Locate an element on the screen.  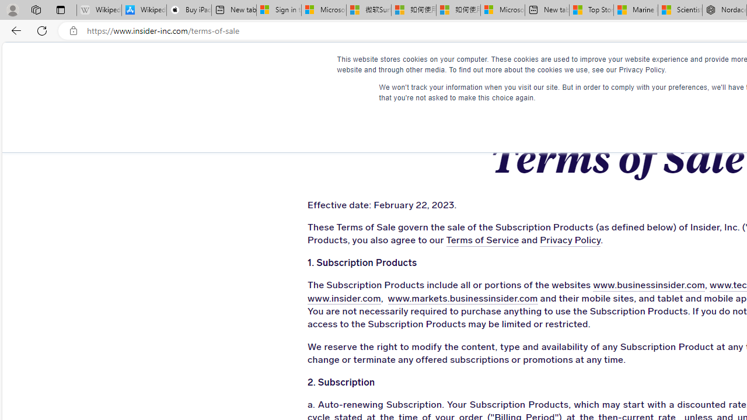
'www.markets.businessinsider.com' is located at coordinates (462, 297).